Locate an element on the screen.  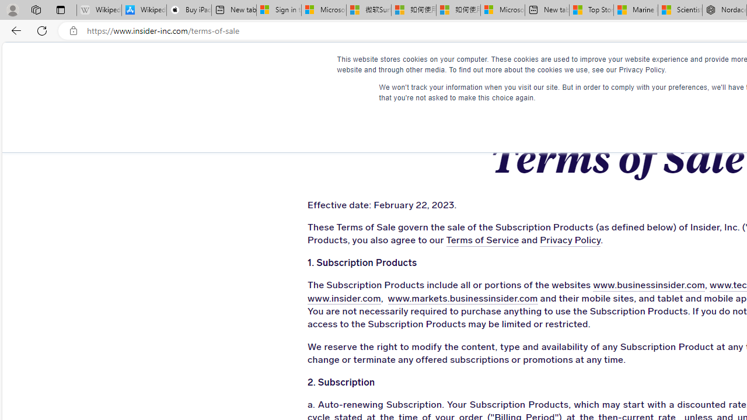
'www.markets.businessinsider.com' is located at coordinates (462, 297).